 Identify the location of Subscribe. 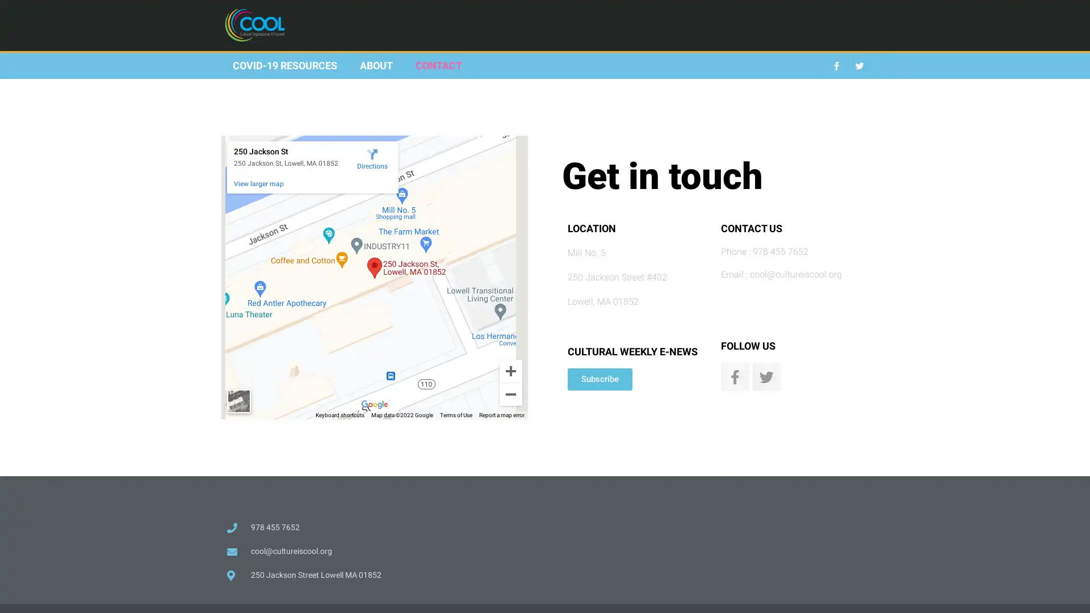
(599, 379).